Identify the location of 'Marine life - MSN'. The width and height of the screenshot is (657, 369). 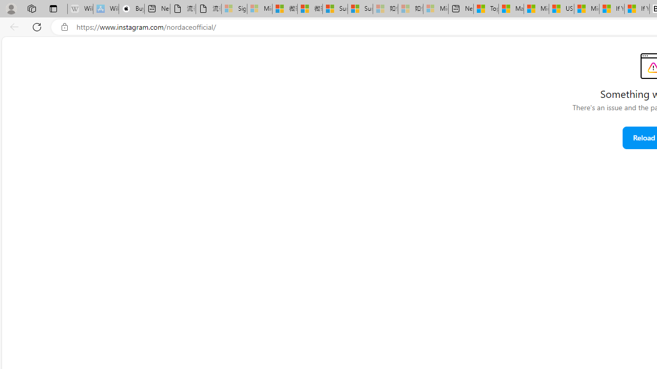
(511, 9).